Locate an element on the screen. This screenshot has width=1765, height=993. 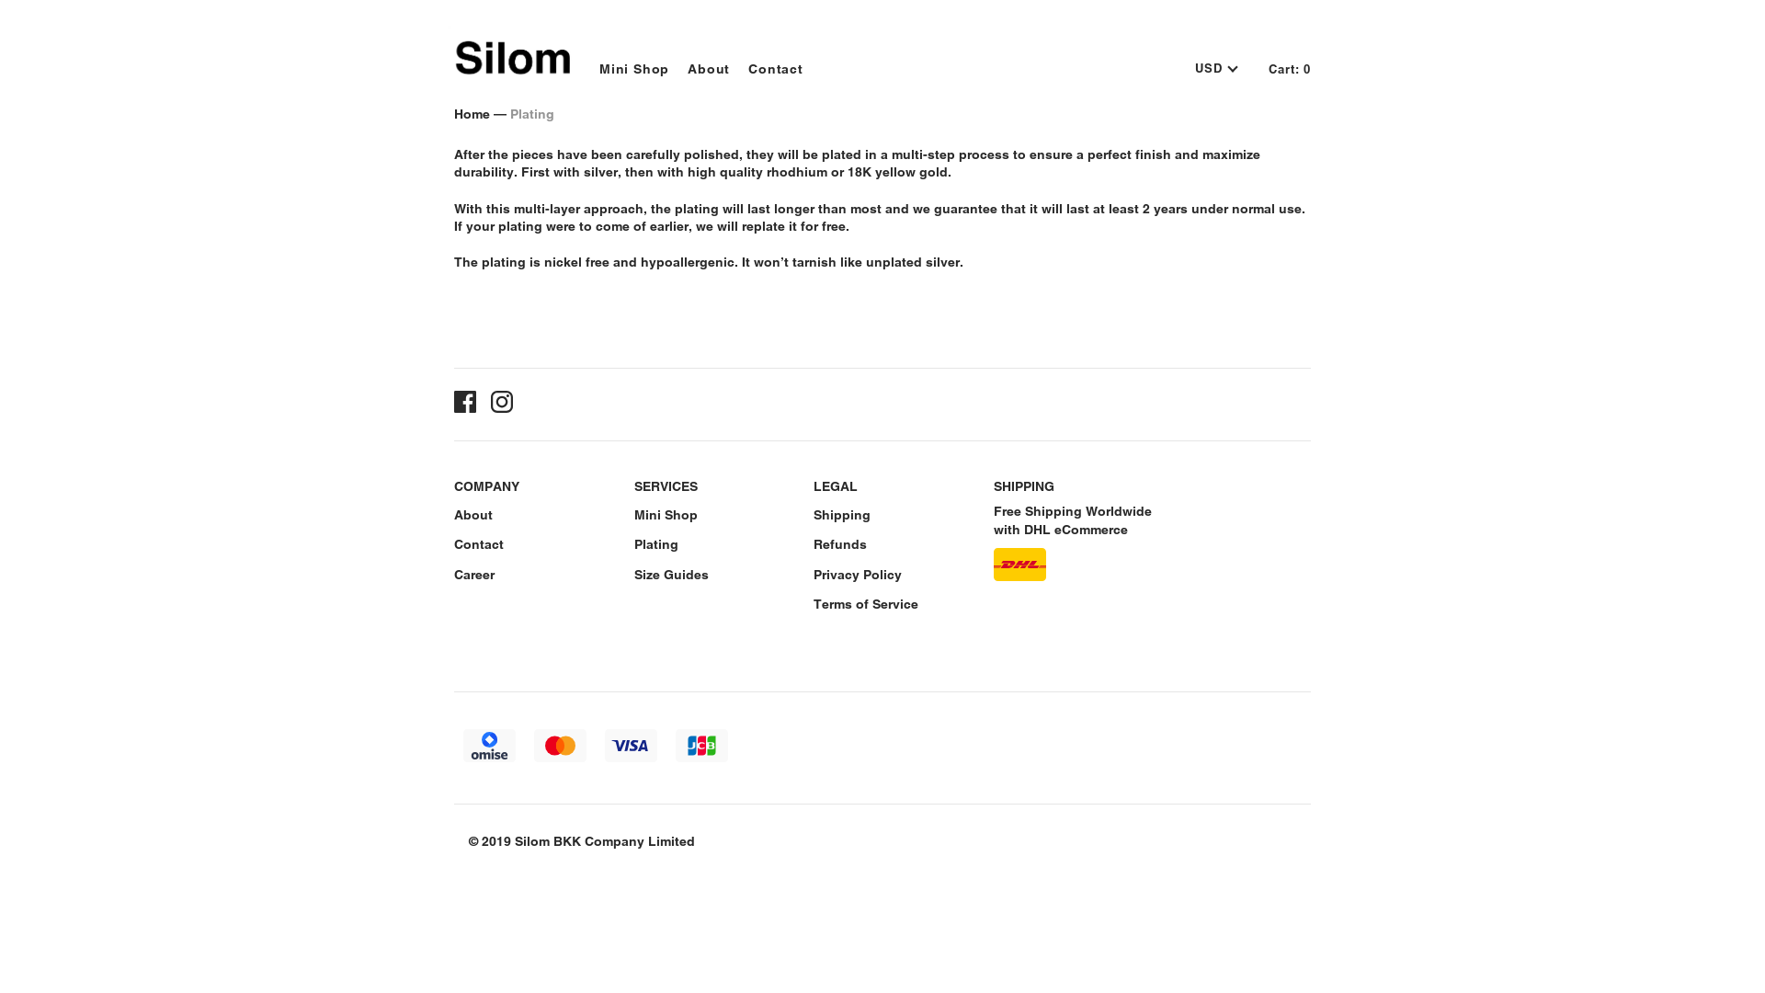
'Cart: 0' is located at coordinates (1288, 67).